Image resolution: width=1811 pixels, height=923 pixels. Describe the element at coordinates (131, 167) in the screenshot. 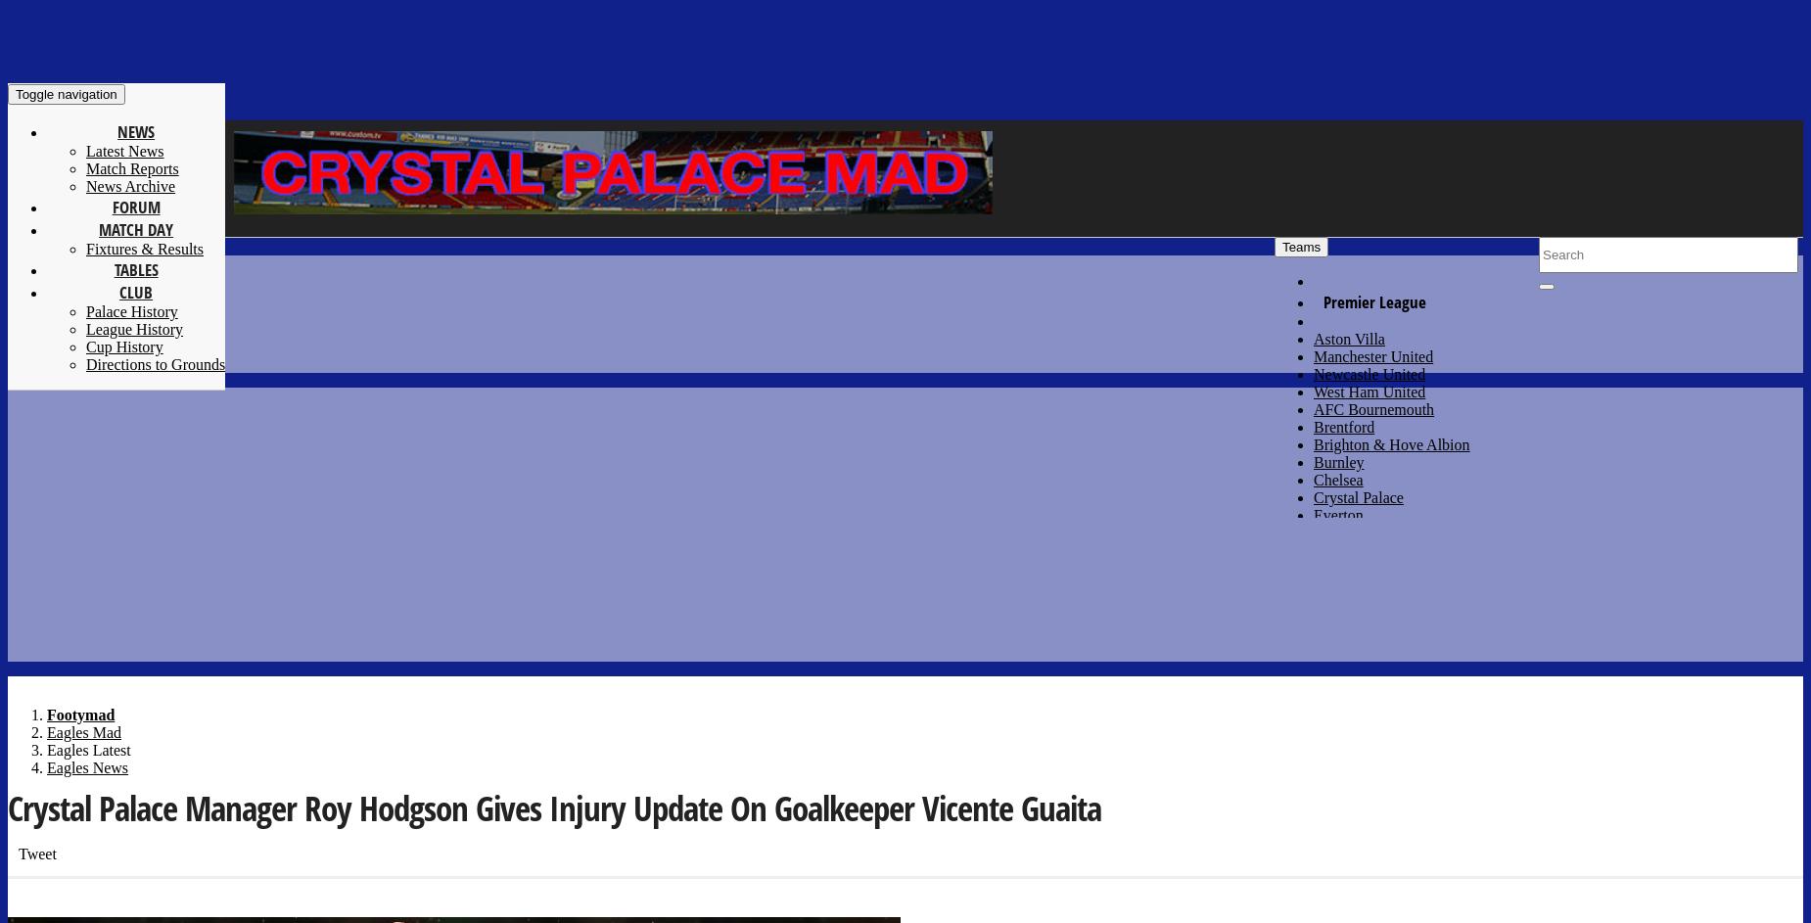

I see `'Match Reports'` at that location.